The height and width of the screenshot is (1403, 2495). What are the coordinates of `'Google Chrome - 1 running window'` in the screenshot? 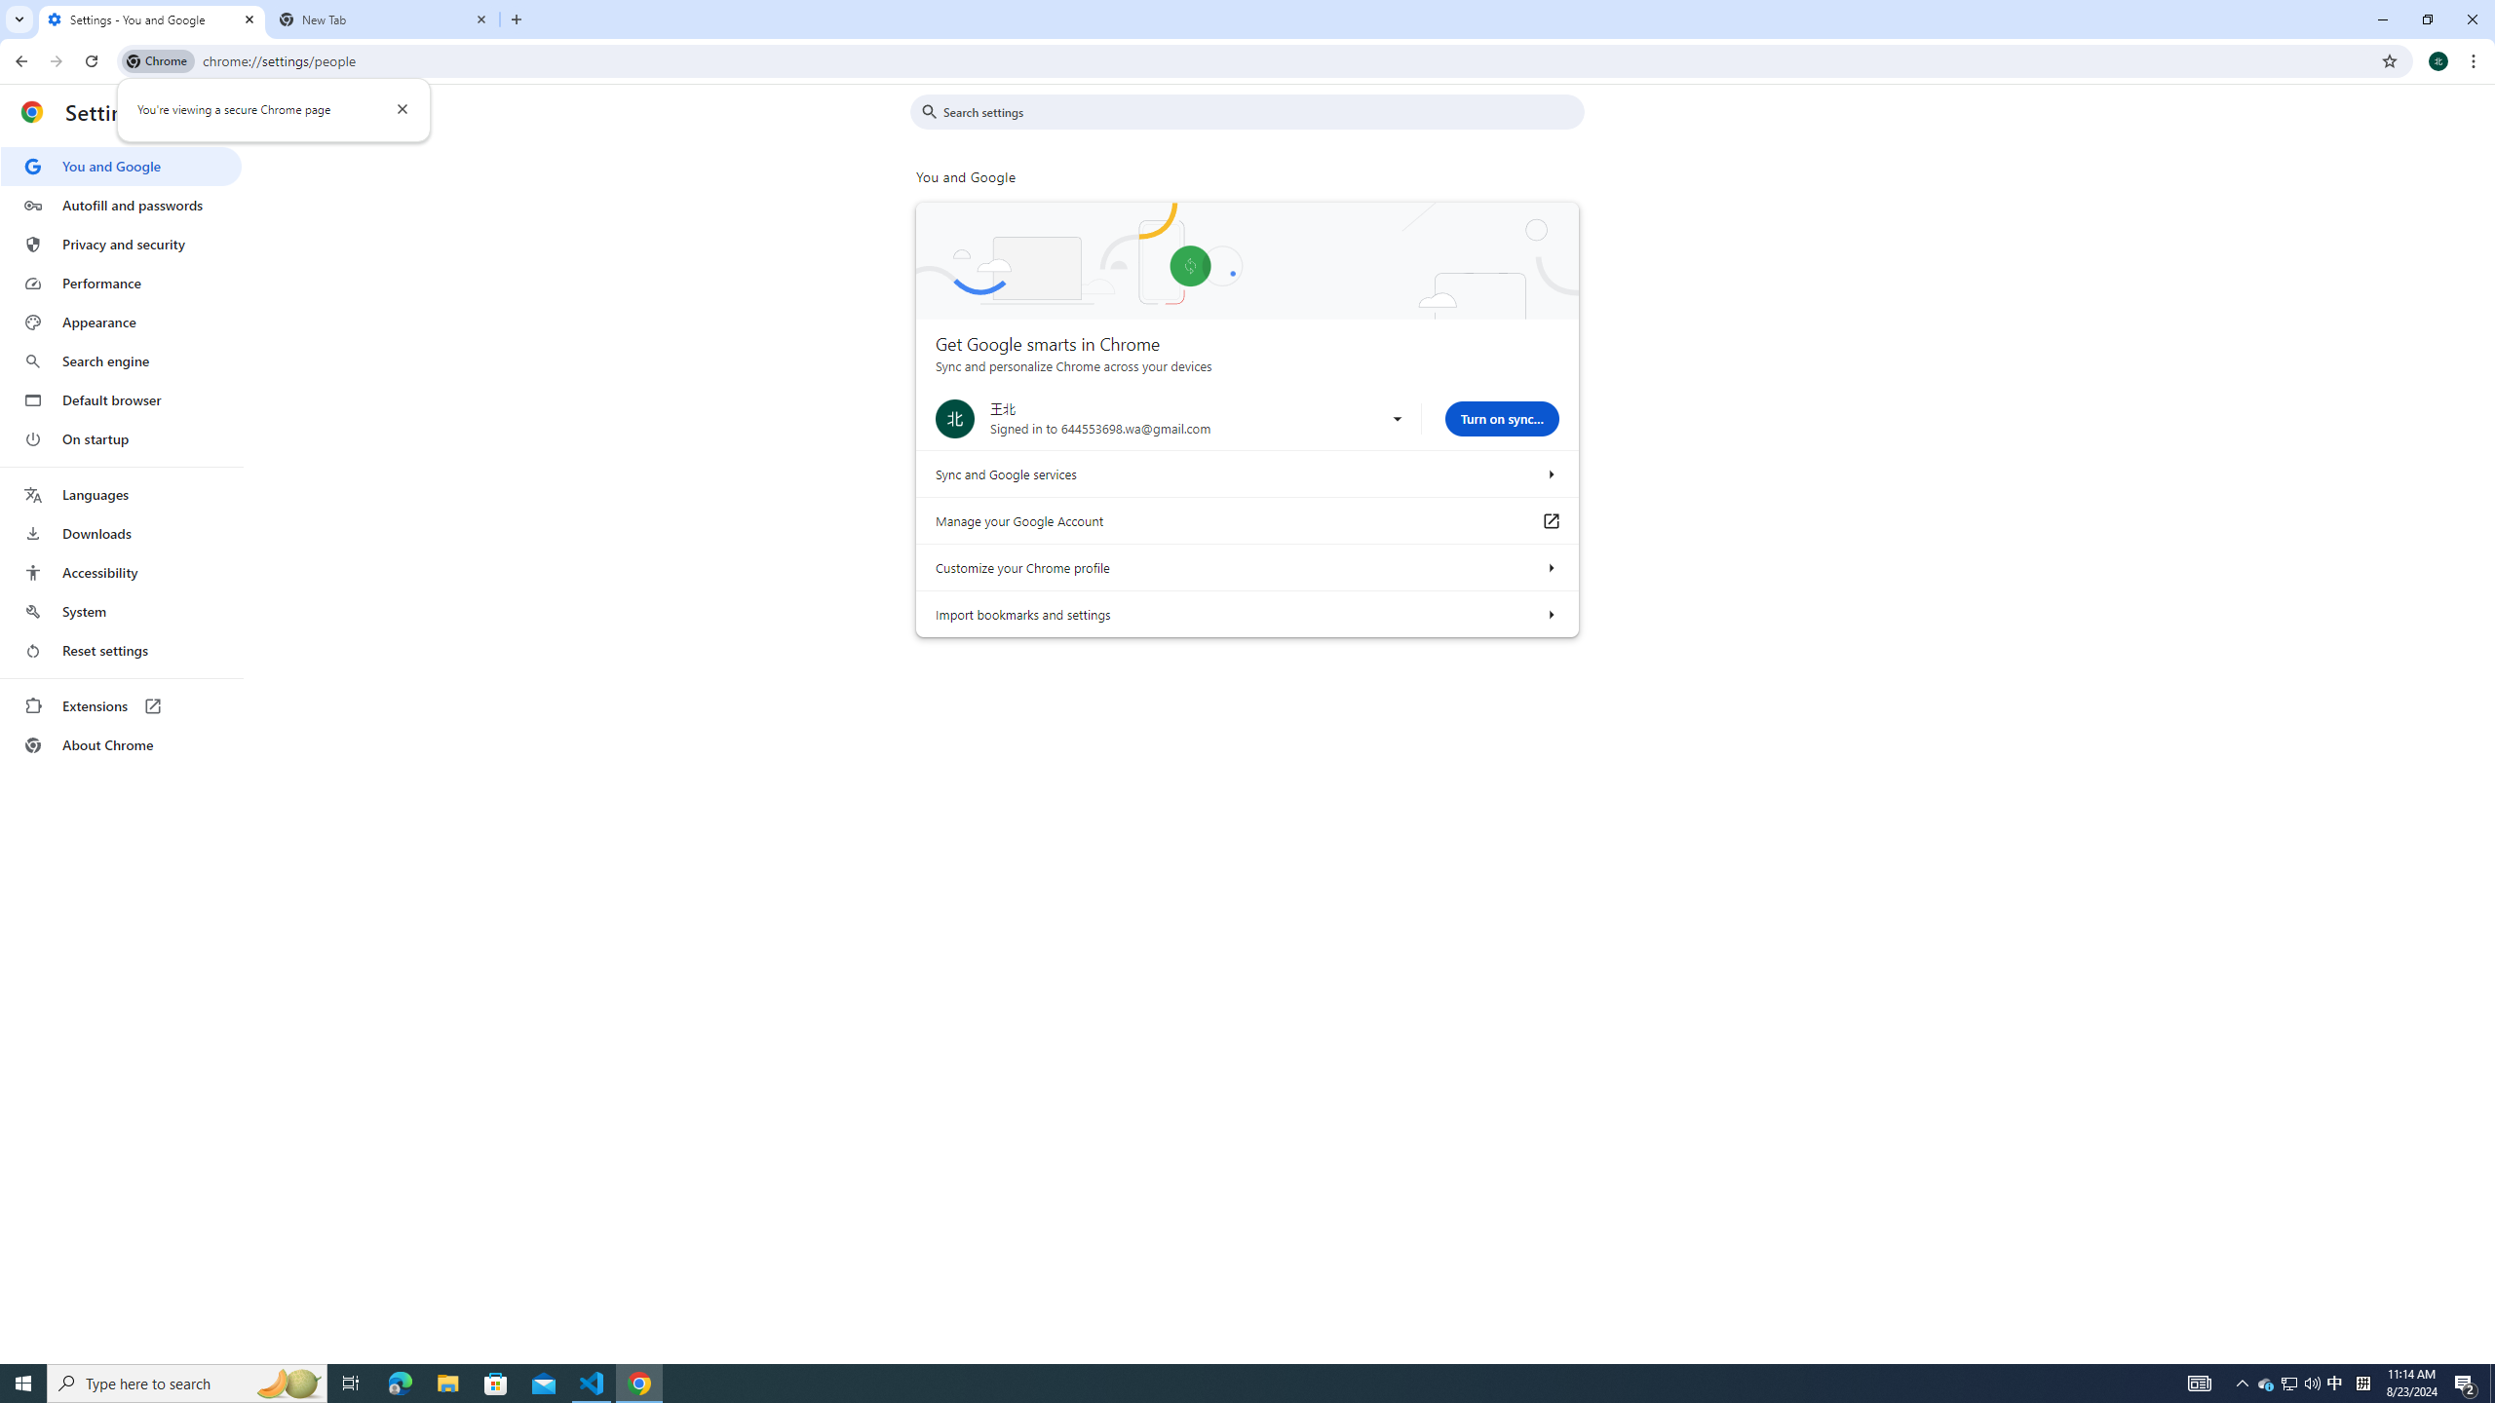 It's located at (639, 1382).